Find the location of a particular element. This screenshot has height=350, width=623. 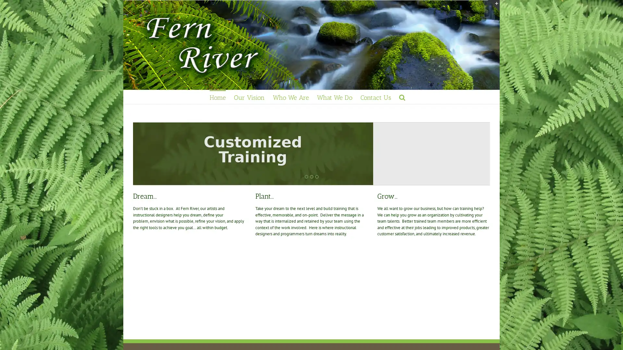

Search is located at coordinates (402, 97).